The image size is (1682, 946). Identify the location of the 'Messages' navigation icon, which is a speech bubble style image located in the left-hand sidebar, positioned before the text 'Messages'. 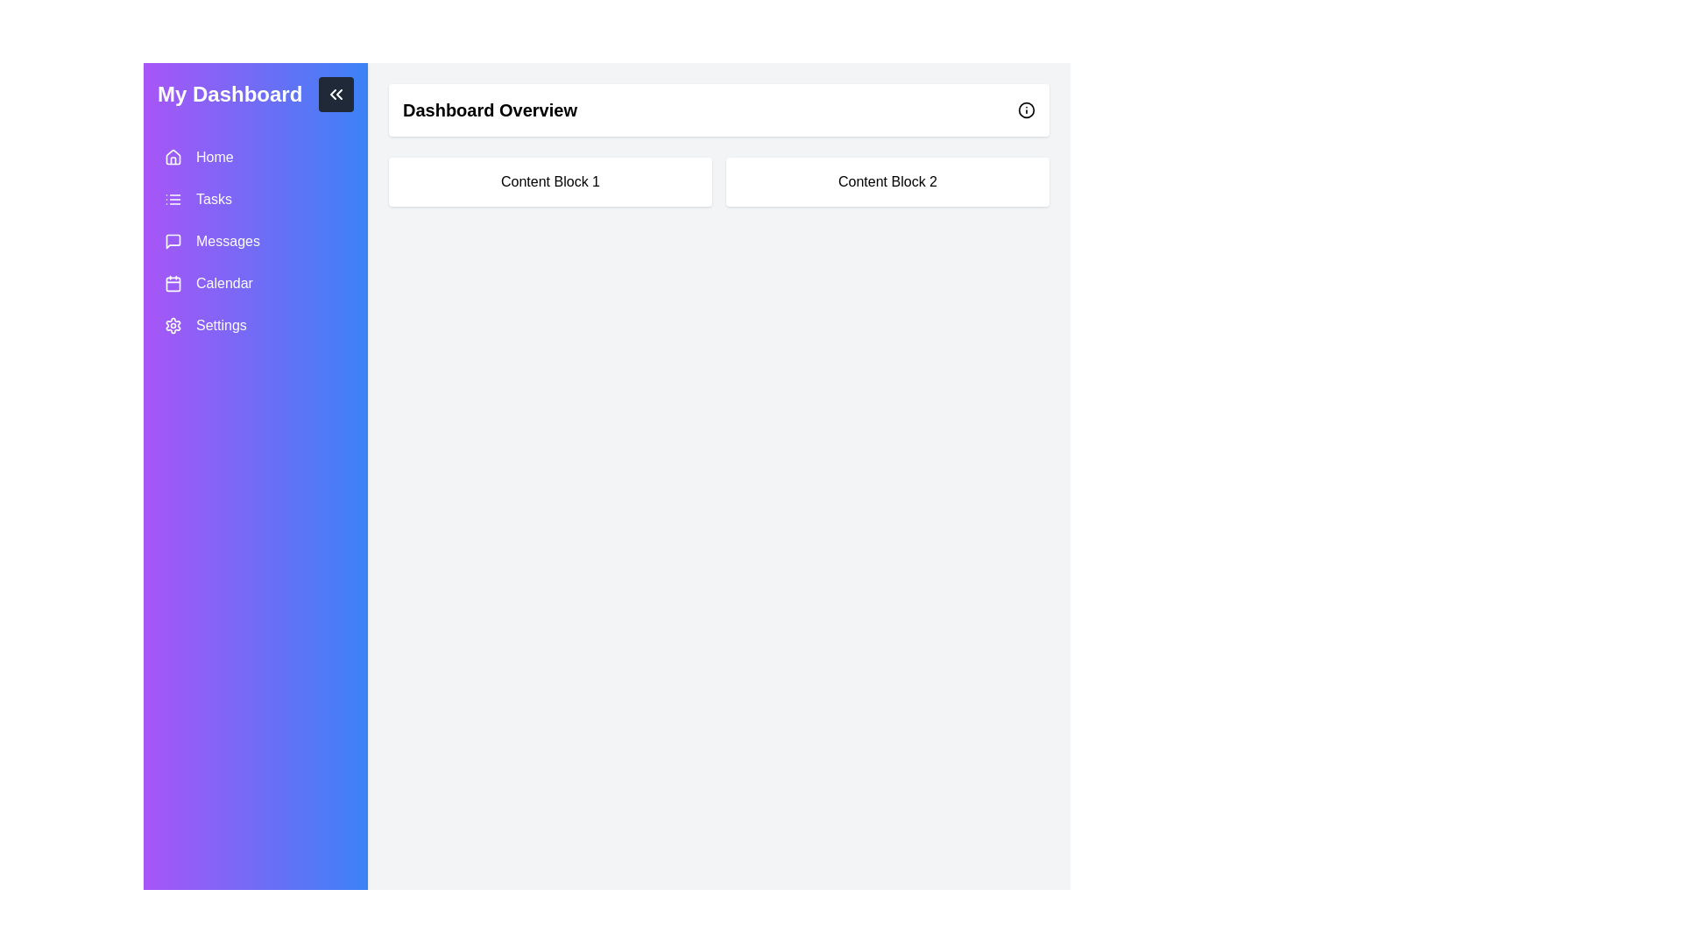
(173, 242).